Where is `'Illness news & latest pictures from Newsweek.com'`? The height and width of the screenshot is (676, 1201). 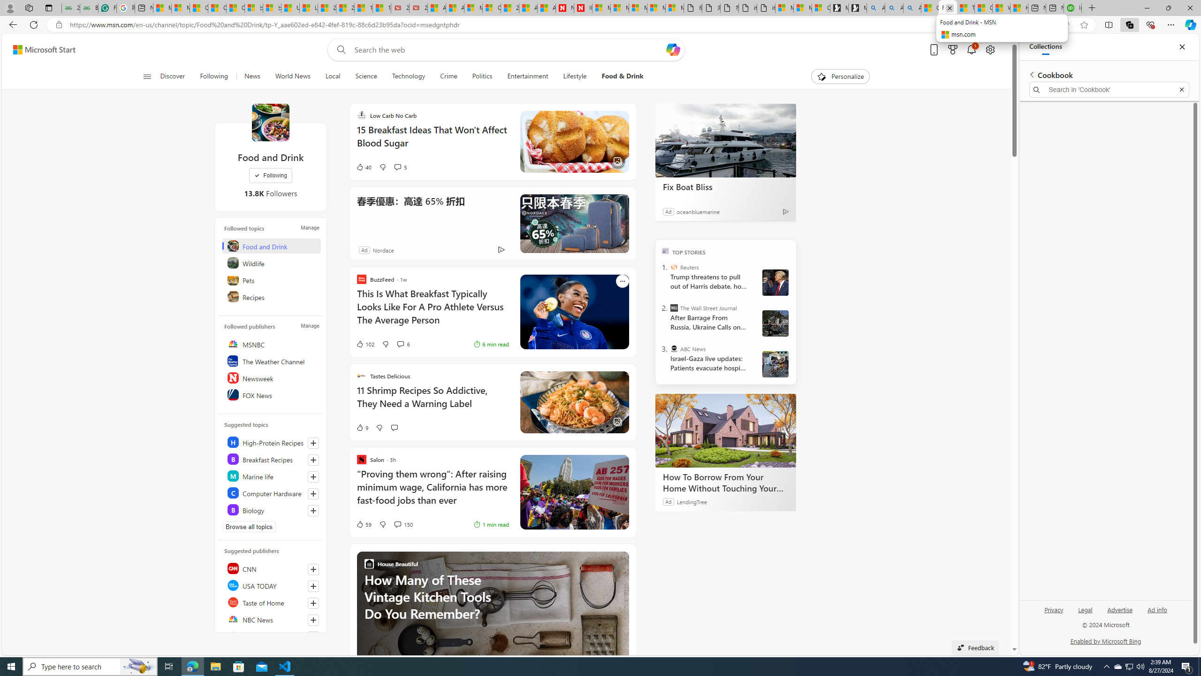 'Illness news & latest pictures from Newsweek.com' is located at coordinates (583, 8).